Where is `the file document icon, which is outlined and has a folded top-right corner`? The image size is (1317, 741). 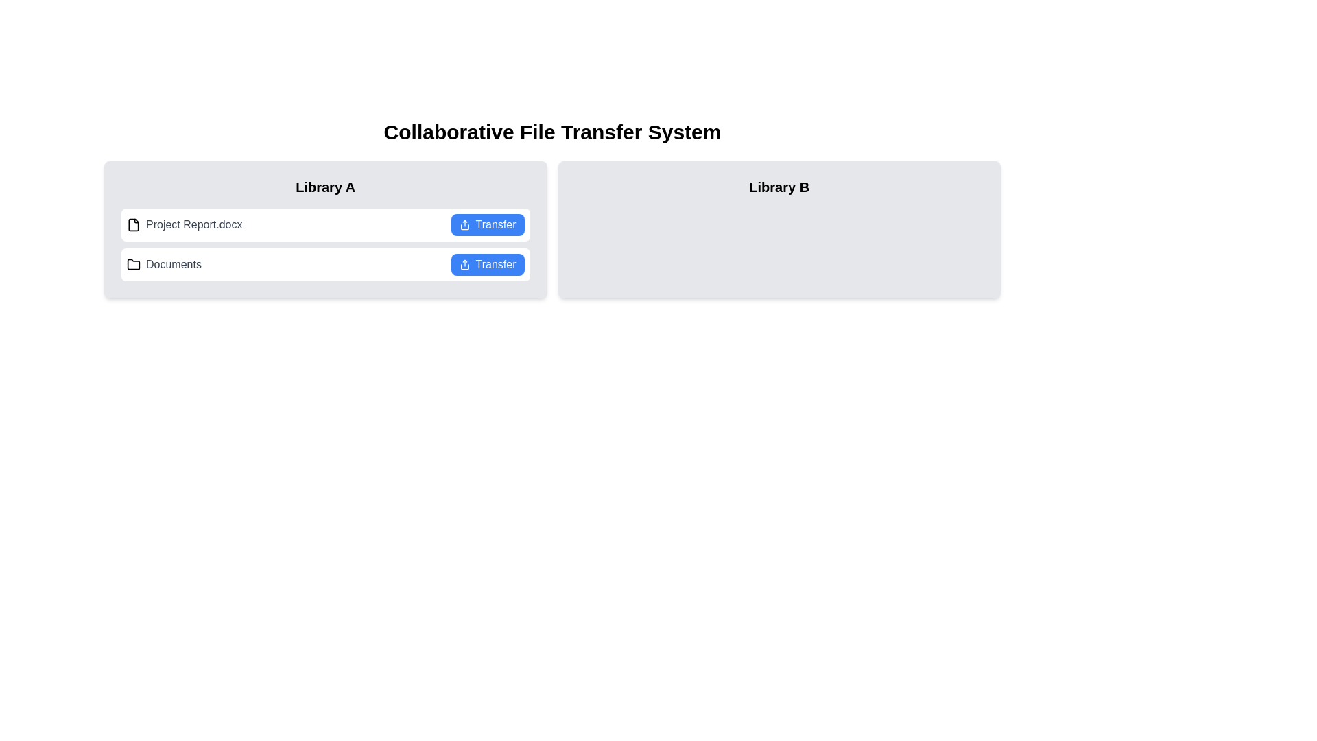
the file document icon, which is outlined and has a folded top-right corner is located at coordinates (134, 224).